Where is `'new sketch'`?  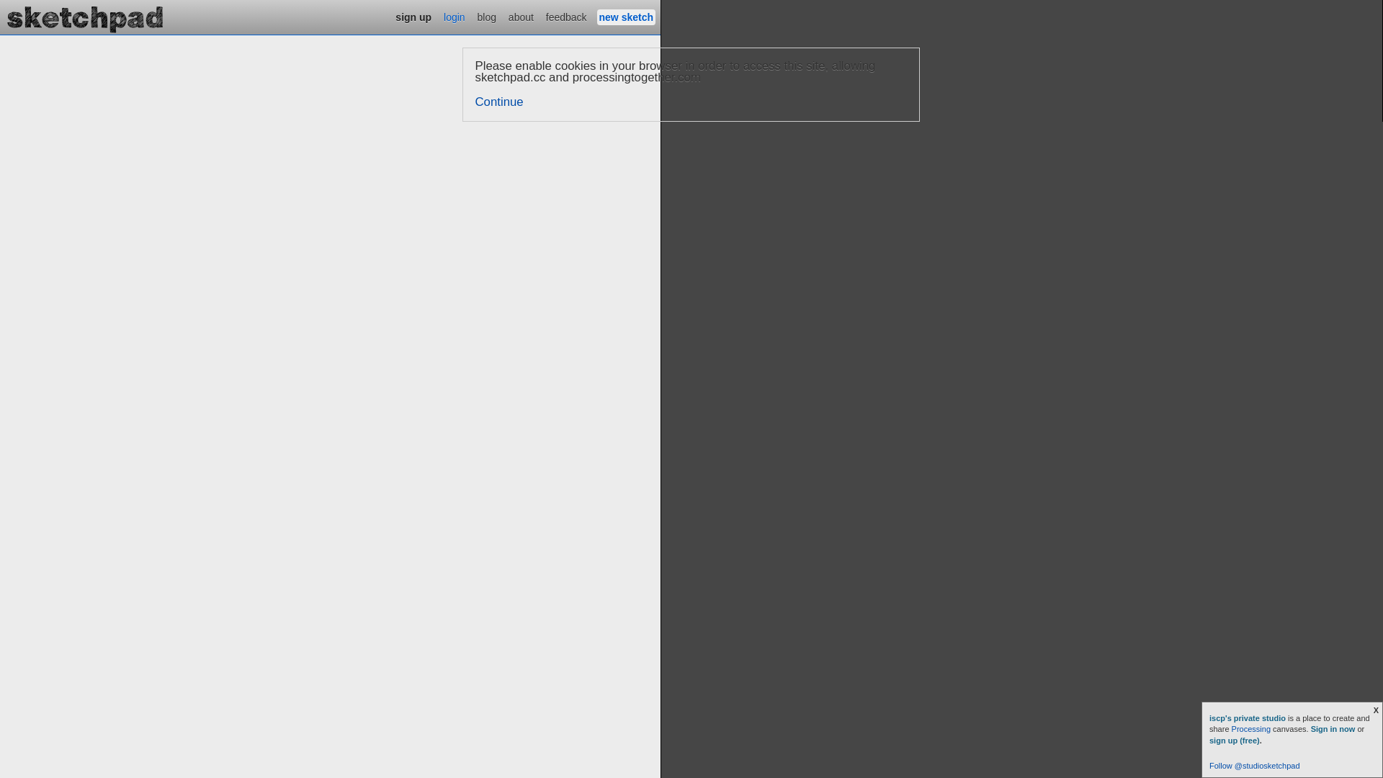
'new sketch' is located at coordinates (626, 17).